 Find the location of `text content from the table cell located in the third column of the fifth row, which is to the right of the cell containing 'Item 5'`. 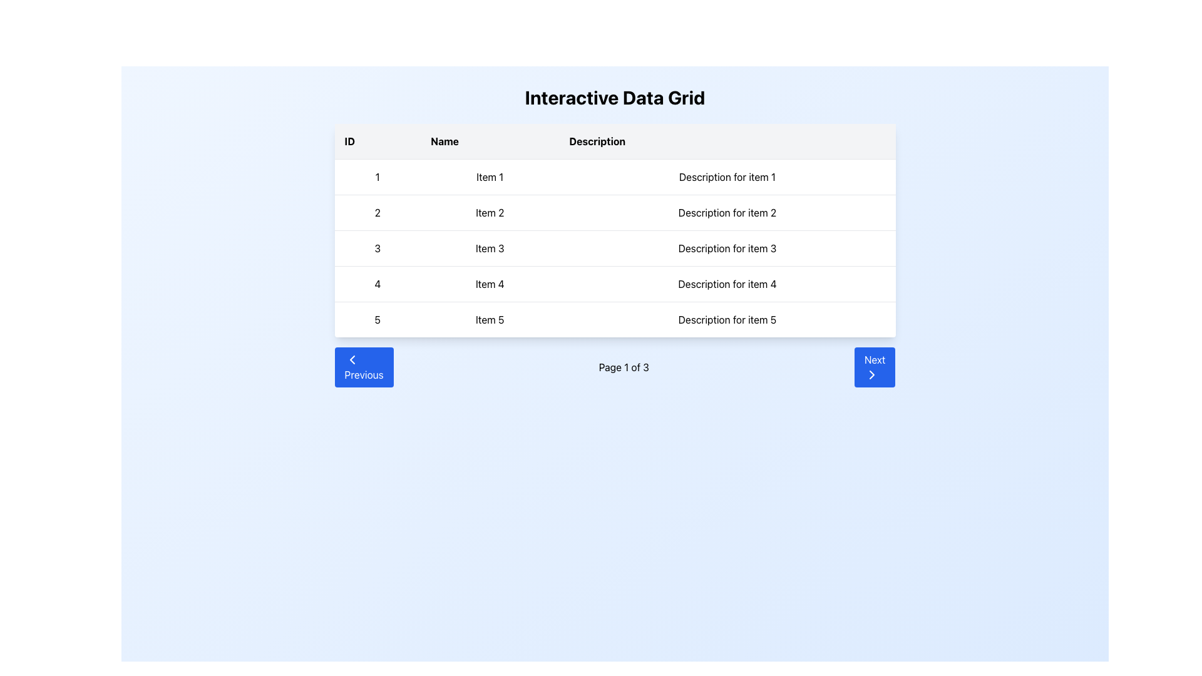

text content from the table cell located in the third column of the fifth row, which is to the right of the cell containing 'Item 5' is located at coordinates (727, 319).